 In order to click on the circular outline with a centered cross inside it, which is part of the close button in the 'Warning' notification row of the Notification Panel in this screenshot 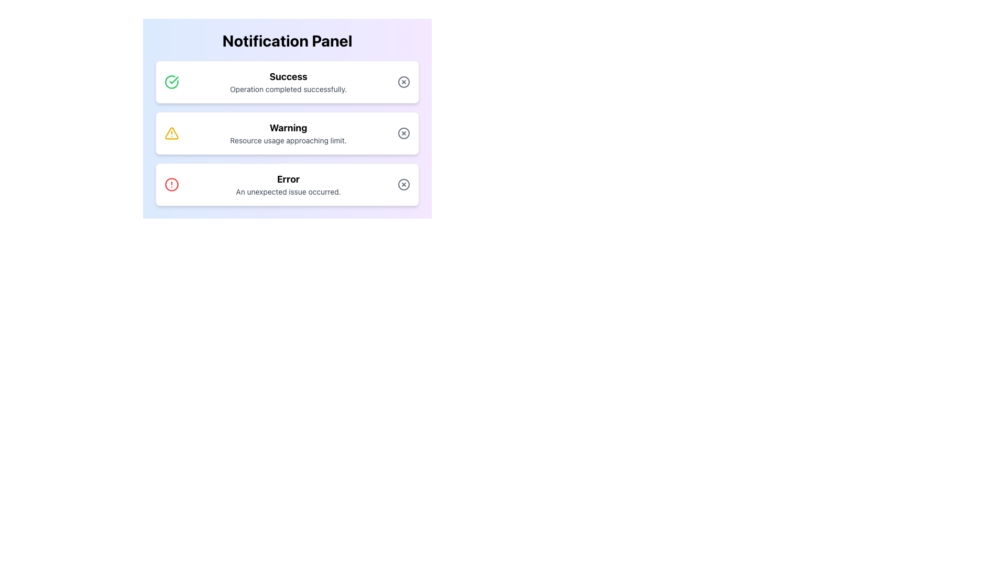, I will do `click(403, 132)`.